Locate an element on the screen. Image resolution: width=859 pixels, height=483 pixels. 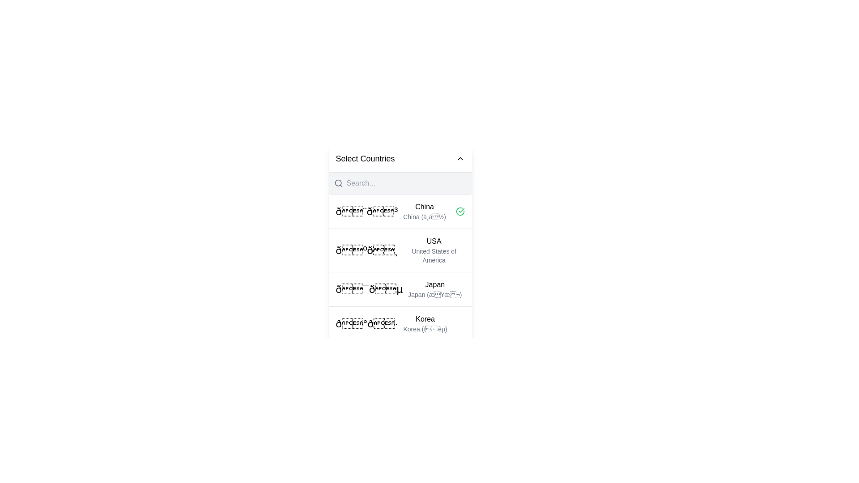
the static text component displaying 'Japan' in bold and 'Japan (日本)' in grey, located in the third row of the country list, between 'USA' and 'Korea' is located at coordinates (435, 289).